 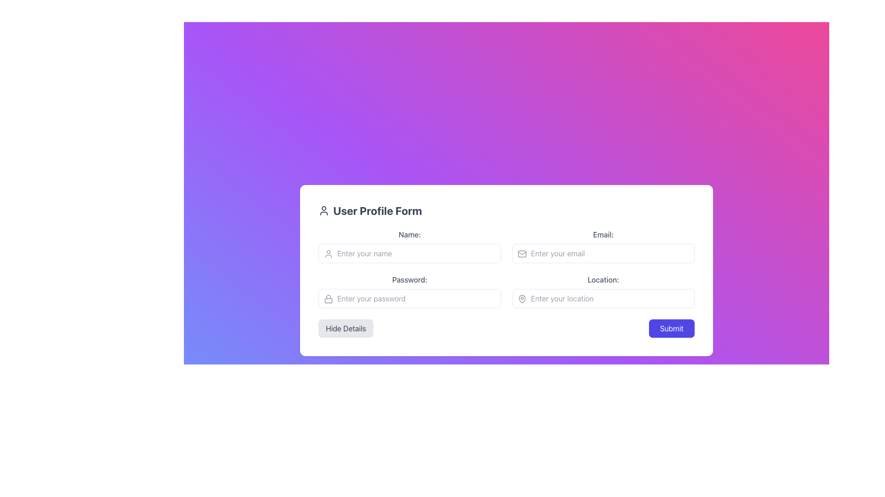 I want to click on the email field icon located to the left of the email input field component, which serves as a visual cue for the user, so click(x=522, y=254).